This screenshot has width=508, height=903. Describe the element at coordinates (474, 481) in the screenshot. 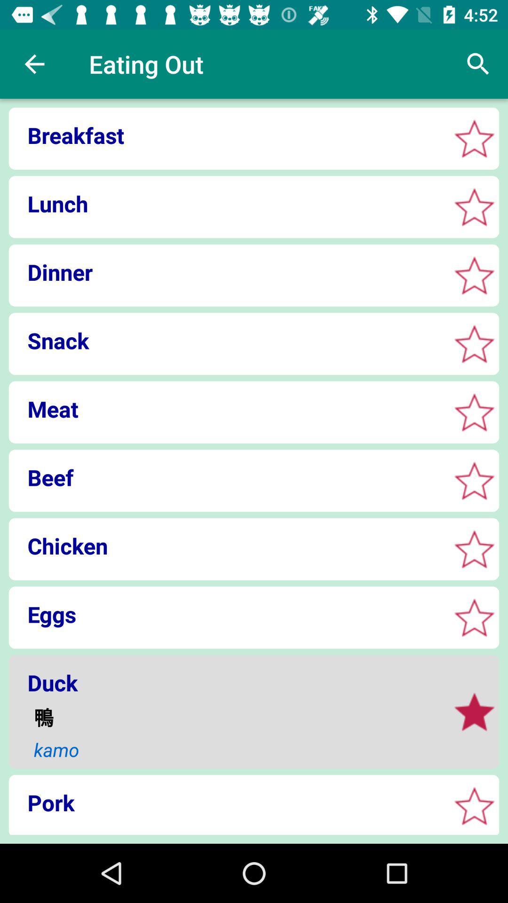

I see `to favorites` at that location.